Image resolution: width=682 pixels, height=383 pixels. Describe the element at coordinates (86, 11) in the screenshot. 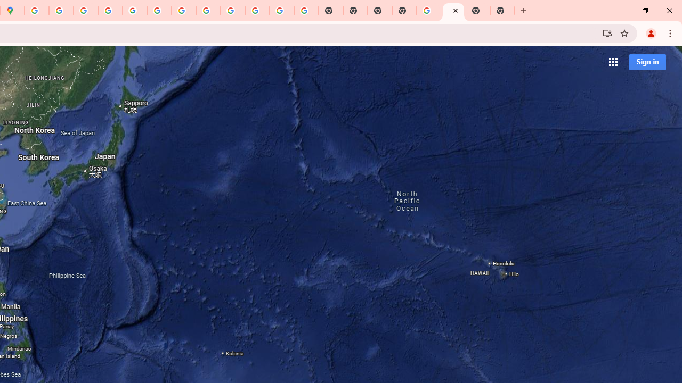

I see `'Privacy Help Center - Policies Help'` at that location.